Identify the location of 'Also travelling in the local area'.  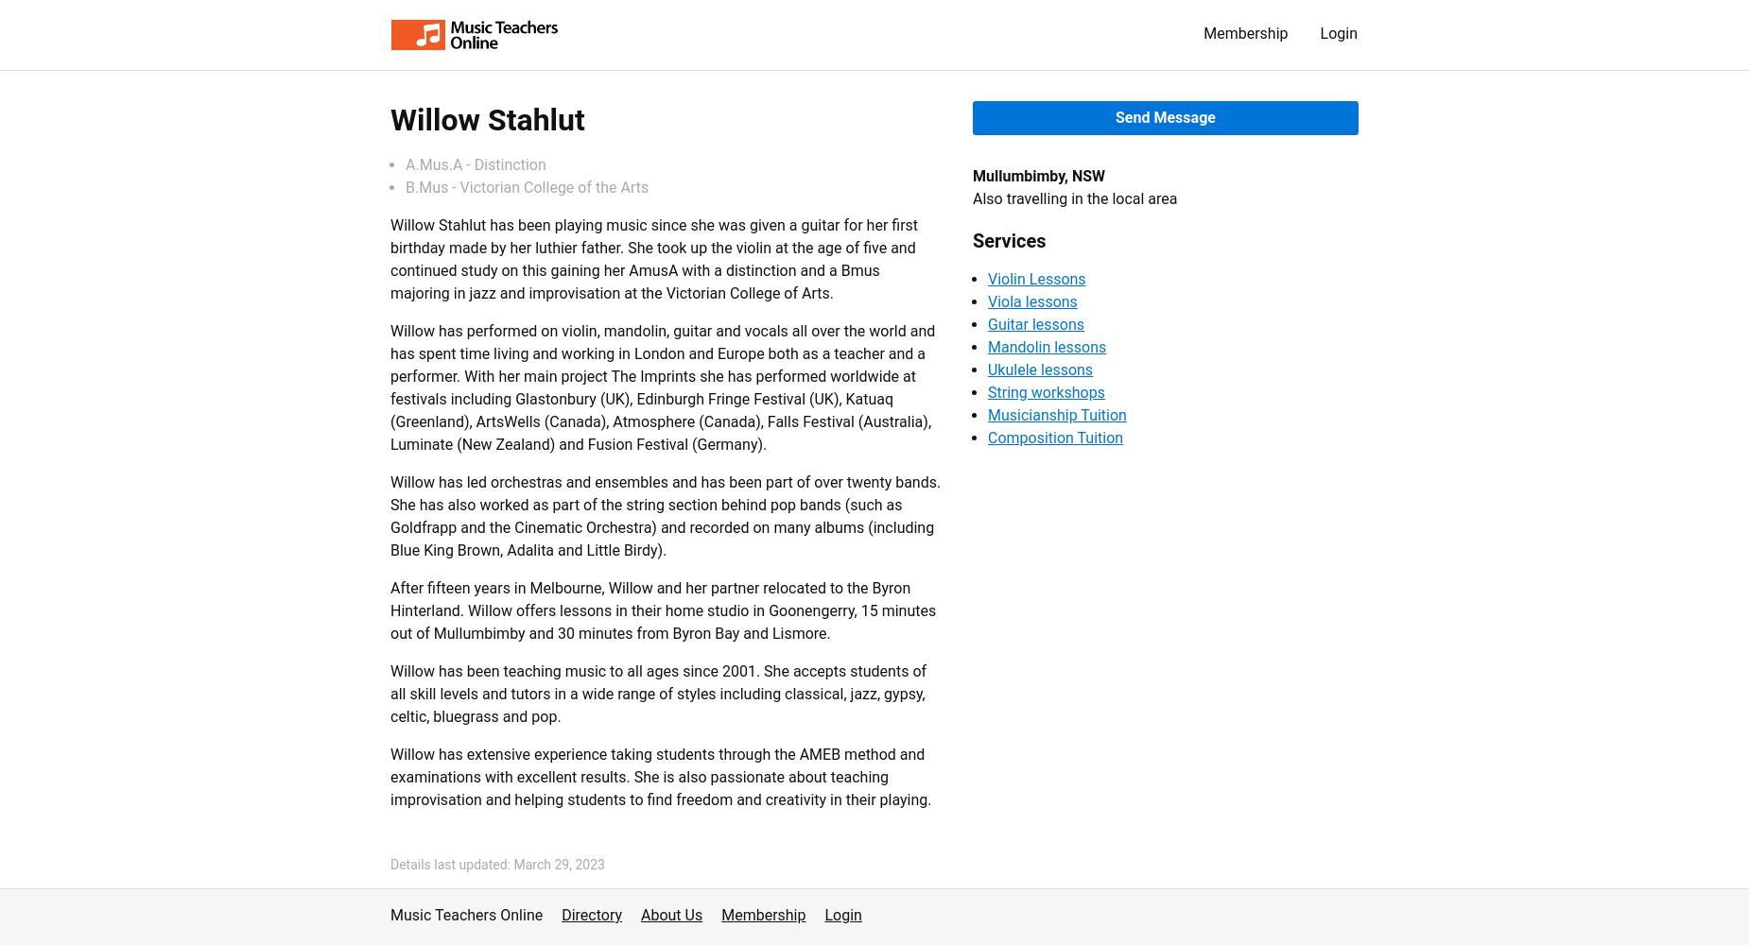
(971, 198).